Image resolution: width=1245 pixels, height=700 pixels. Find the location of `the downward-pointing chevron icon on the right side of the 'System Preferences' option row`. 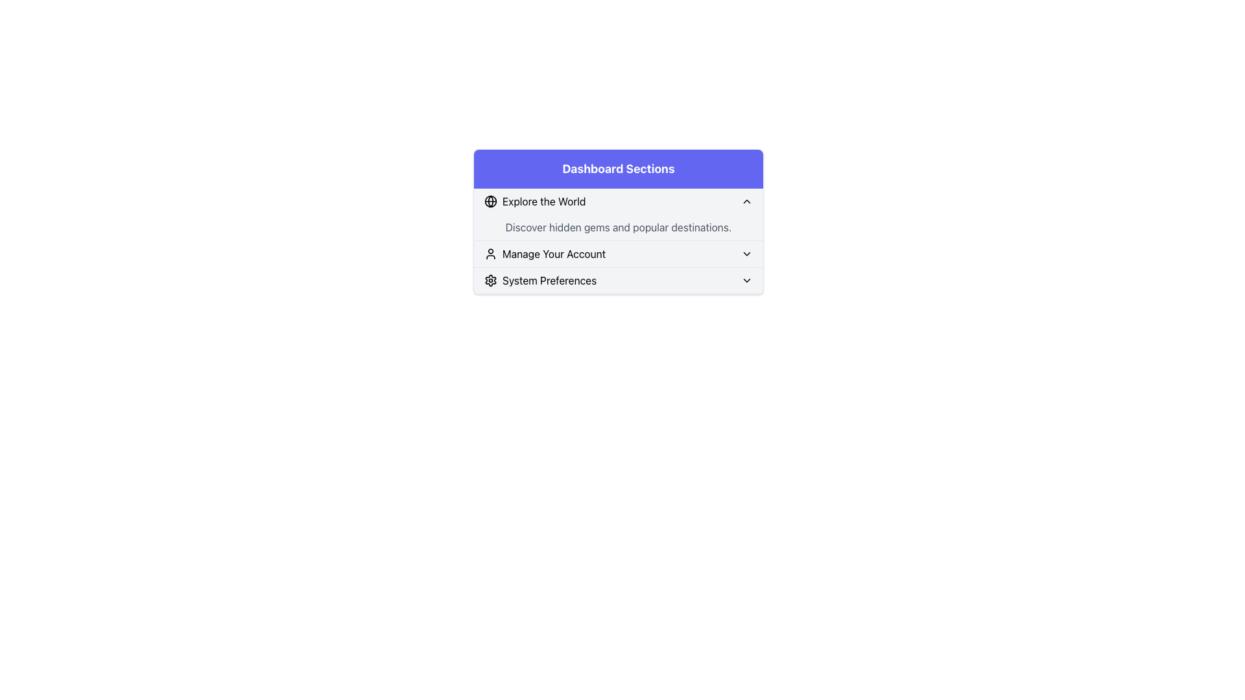

the downward-pointing chevron icon on the right side of the 'System Preferences' option row is located at coordinates (747, 279).